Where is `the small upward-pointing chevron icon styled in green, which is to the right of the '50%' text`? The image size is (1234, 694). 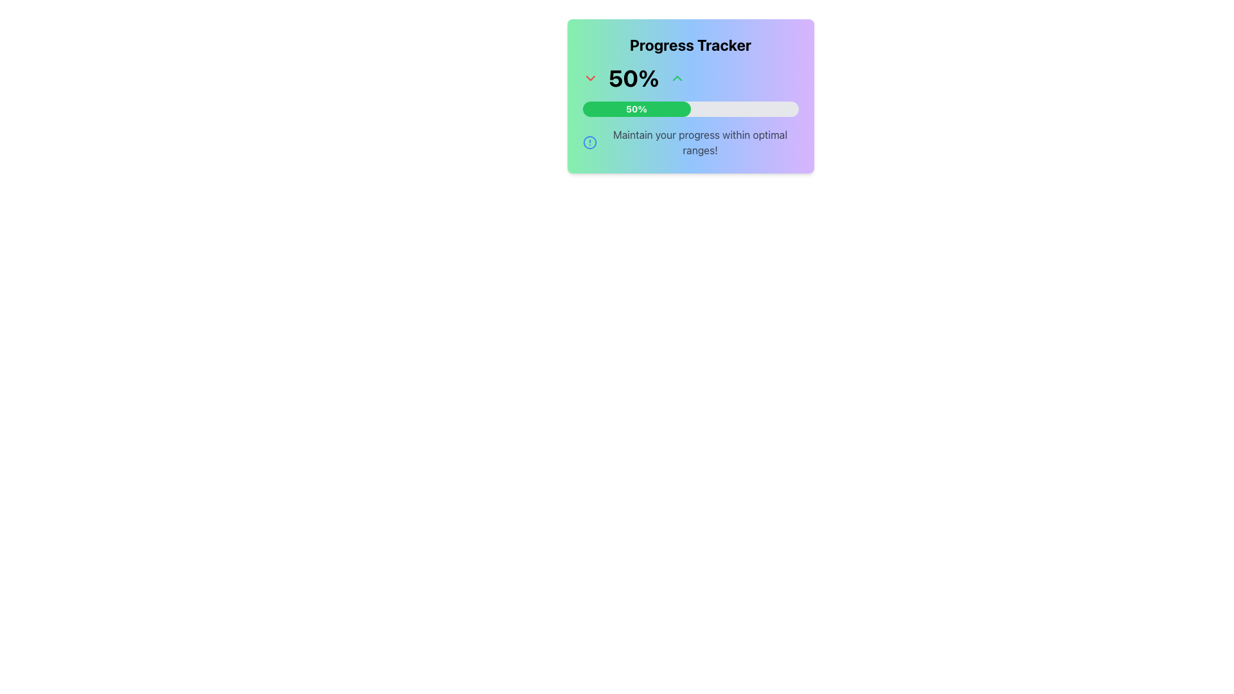
the small upward-pointing chevron icon styled in green, which is to the right of the '50%' text is located at coordinates (676, 78).